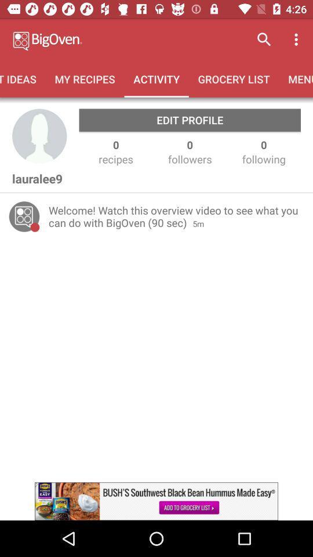 Image resolution: width=313 pixels, height=557 pixels. What do you see at coordinates (156, 501) in the screenshot?
I see `advertisement page` at bounding box center [156, 501].